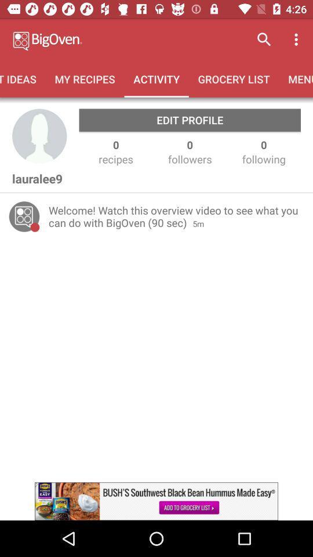 Image resolution: width=313 pixels, height=557 pixels. What do you see at coordinates (156, 501) in the screenshot?
I see `advertisement page` at bounding box center [156, 501].